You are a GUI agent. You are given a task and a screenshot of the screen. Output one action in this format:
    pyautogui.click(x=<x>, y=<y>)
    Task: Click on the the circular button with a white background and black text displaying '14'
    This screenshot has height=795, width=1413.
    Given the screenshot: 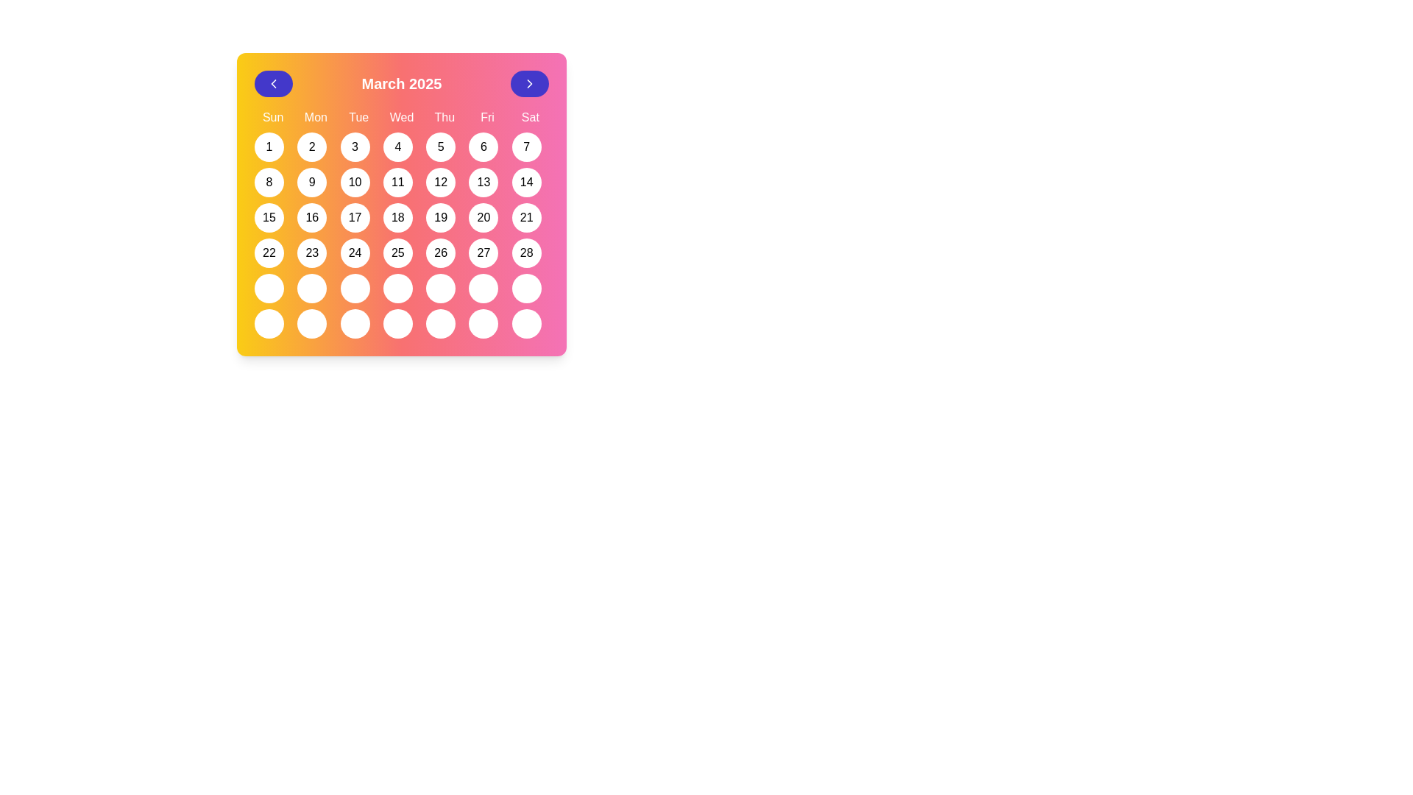 What is the action you would take?
    pyautogui.click(x=526, y=181)
    